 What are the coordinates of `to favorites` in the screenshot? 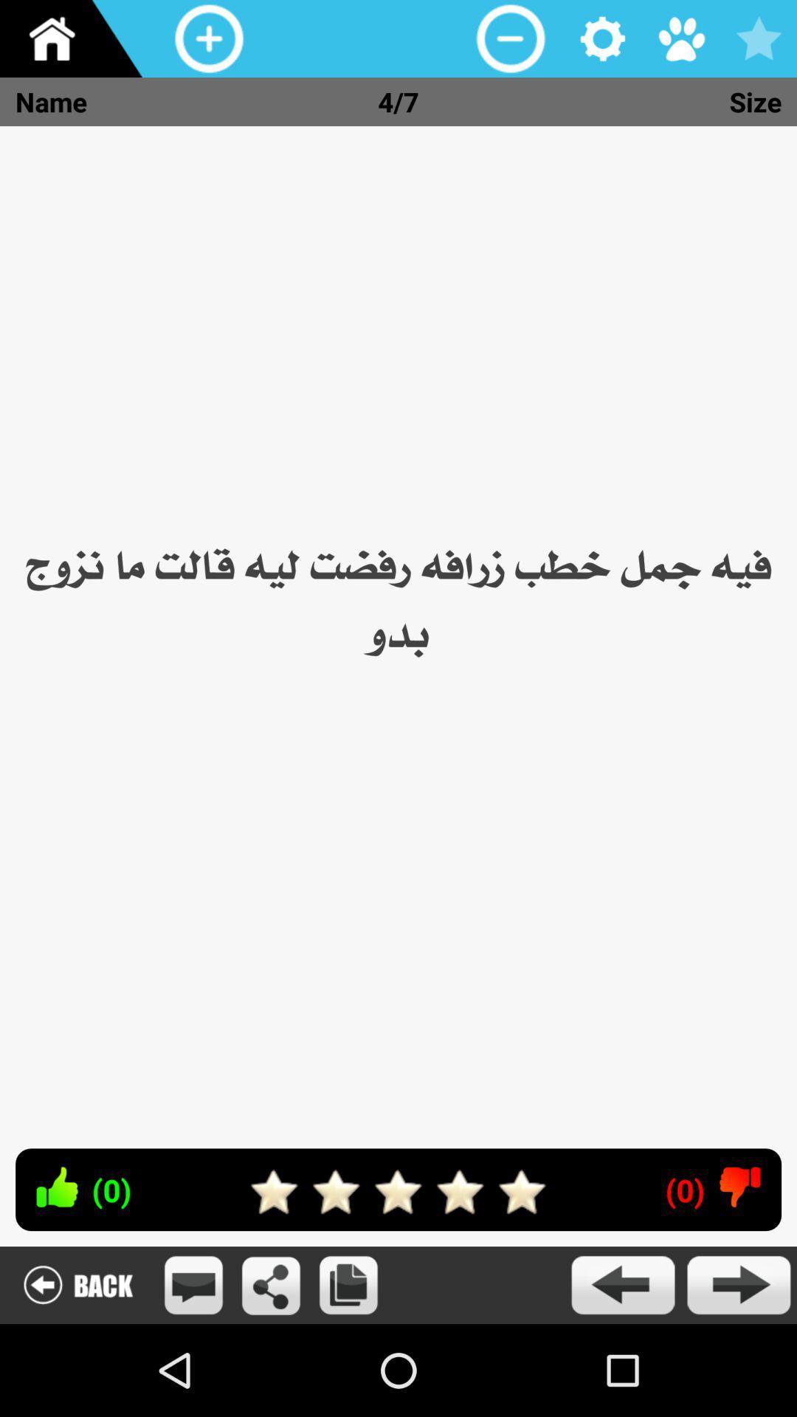 It's located at (758, 38).